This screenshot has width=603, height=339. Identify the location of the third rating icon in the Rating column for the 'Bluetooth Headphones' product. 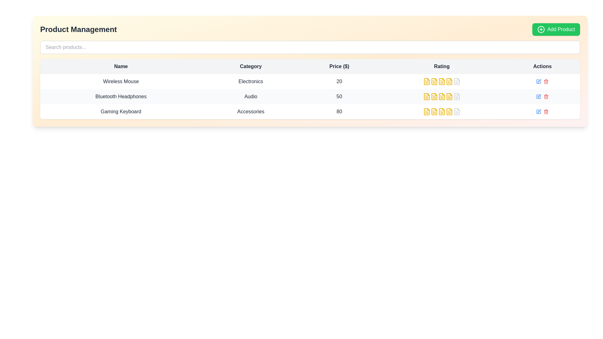
(441, 97).